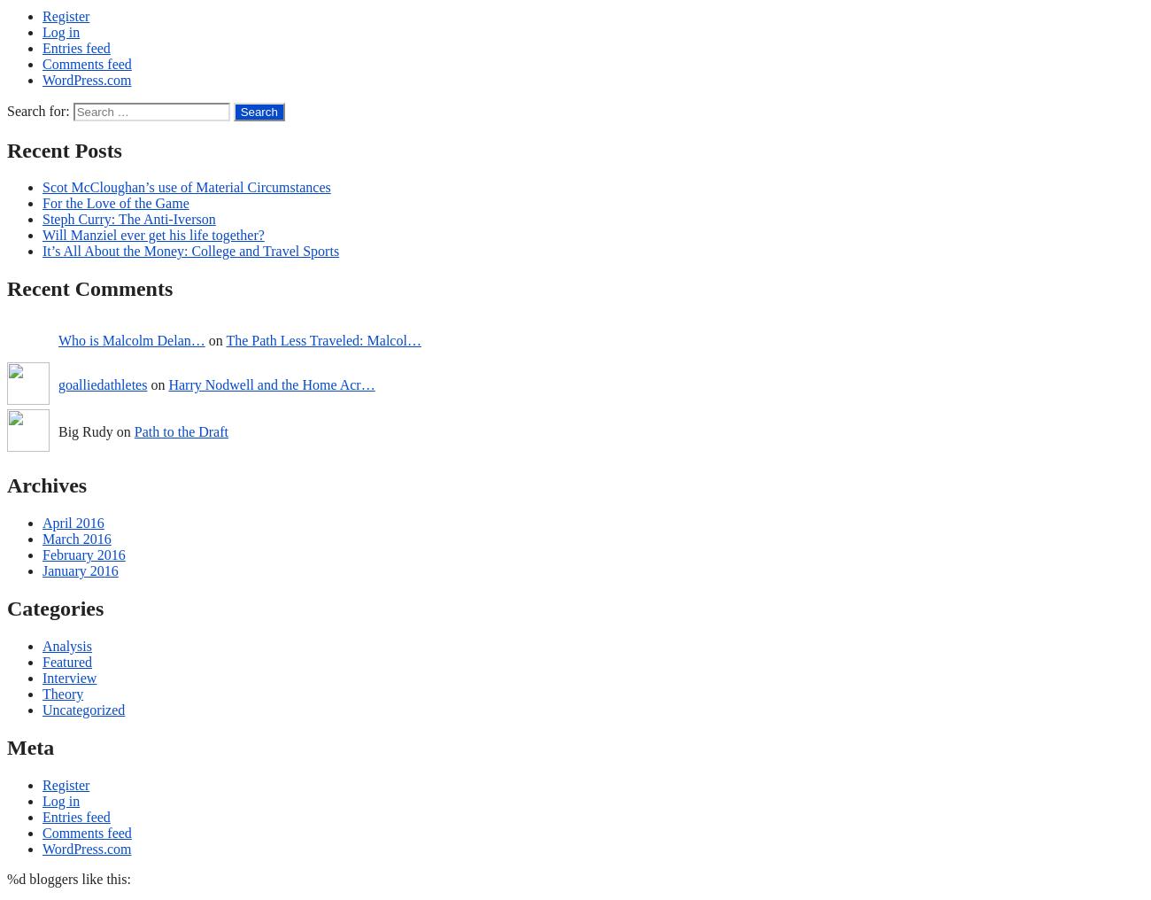 Image resolution: width=1151 pixels, height=900 pixels. What do you see at coordinates (127, 219) in the screenshot?
I see `'Steph Curry: The Anti-Iverson'` at bounding box center [127, 219].